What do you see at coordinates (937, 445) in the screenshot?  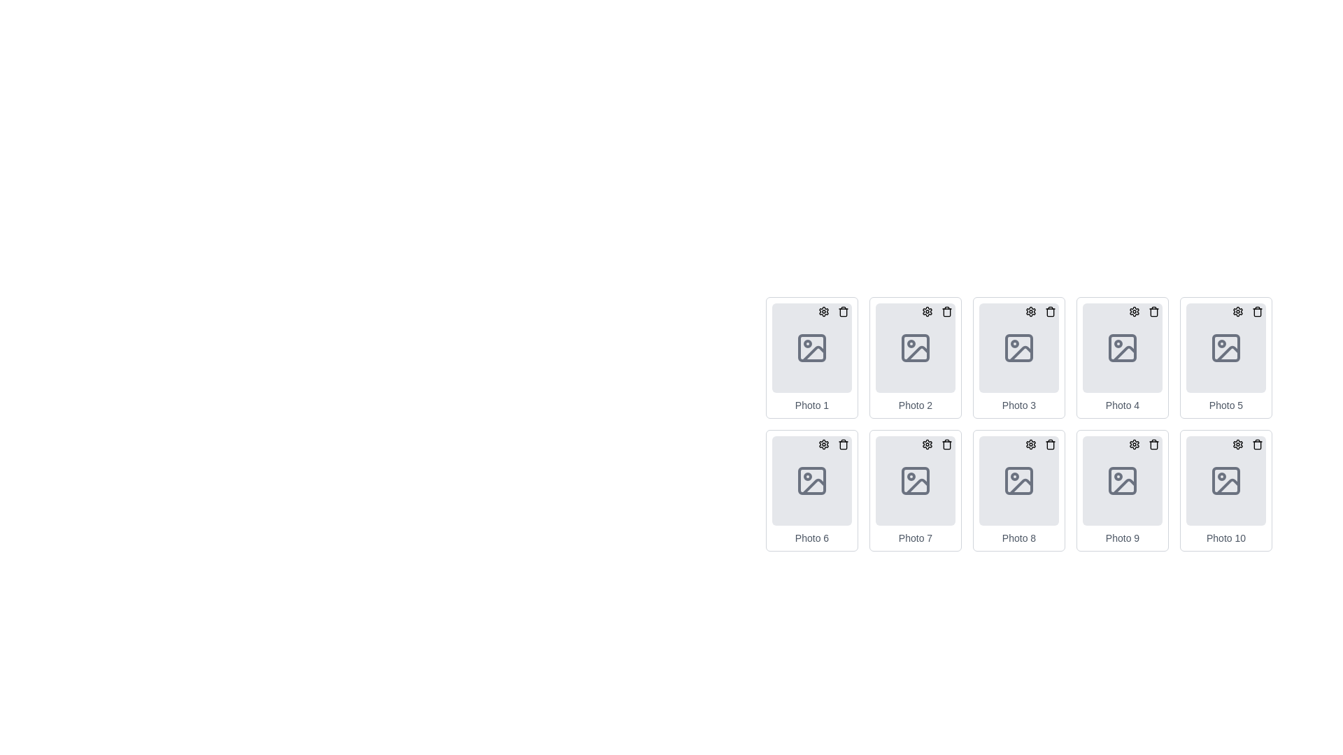 I see `the gear icon in the Button group located at the top-right corner of the 'Photo 7' component` at bounding box center [937, 445].